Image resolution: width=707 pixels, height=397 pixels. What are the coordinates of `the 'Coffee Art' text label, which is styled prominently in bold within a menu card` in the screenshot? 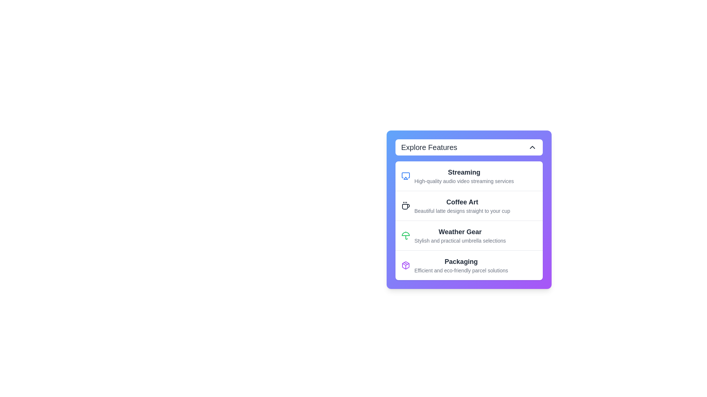 It's located at (462, 202).